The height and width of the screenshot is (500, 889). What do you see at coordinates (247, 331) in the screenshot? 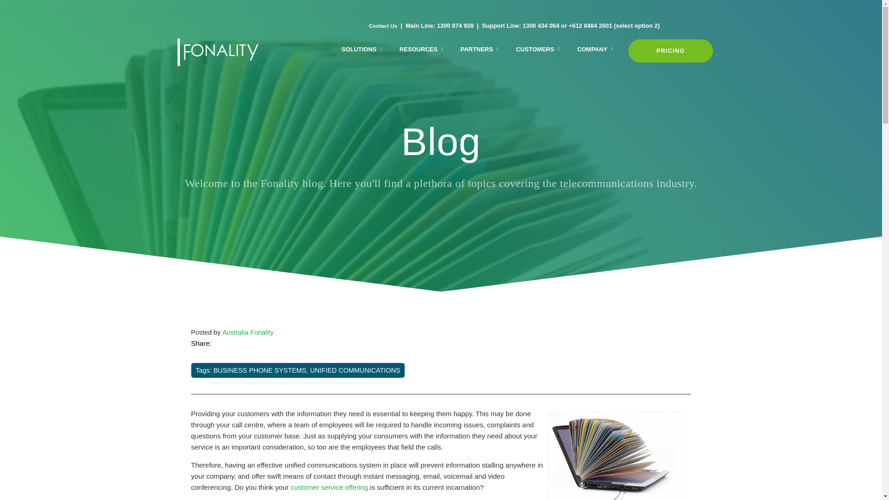
I see `'Australia Fonality'` at bounding box center [247, 331].